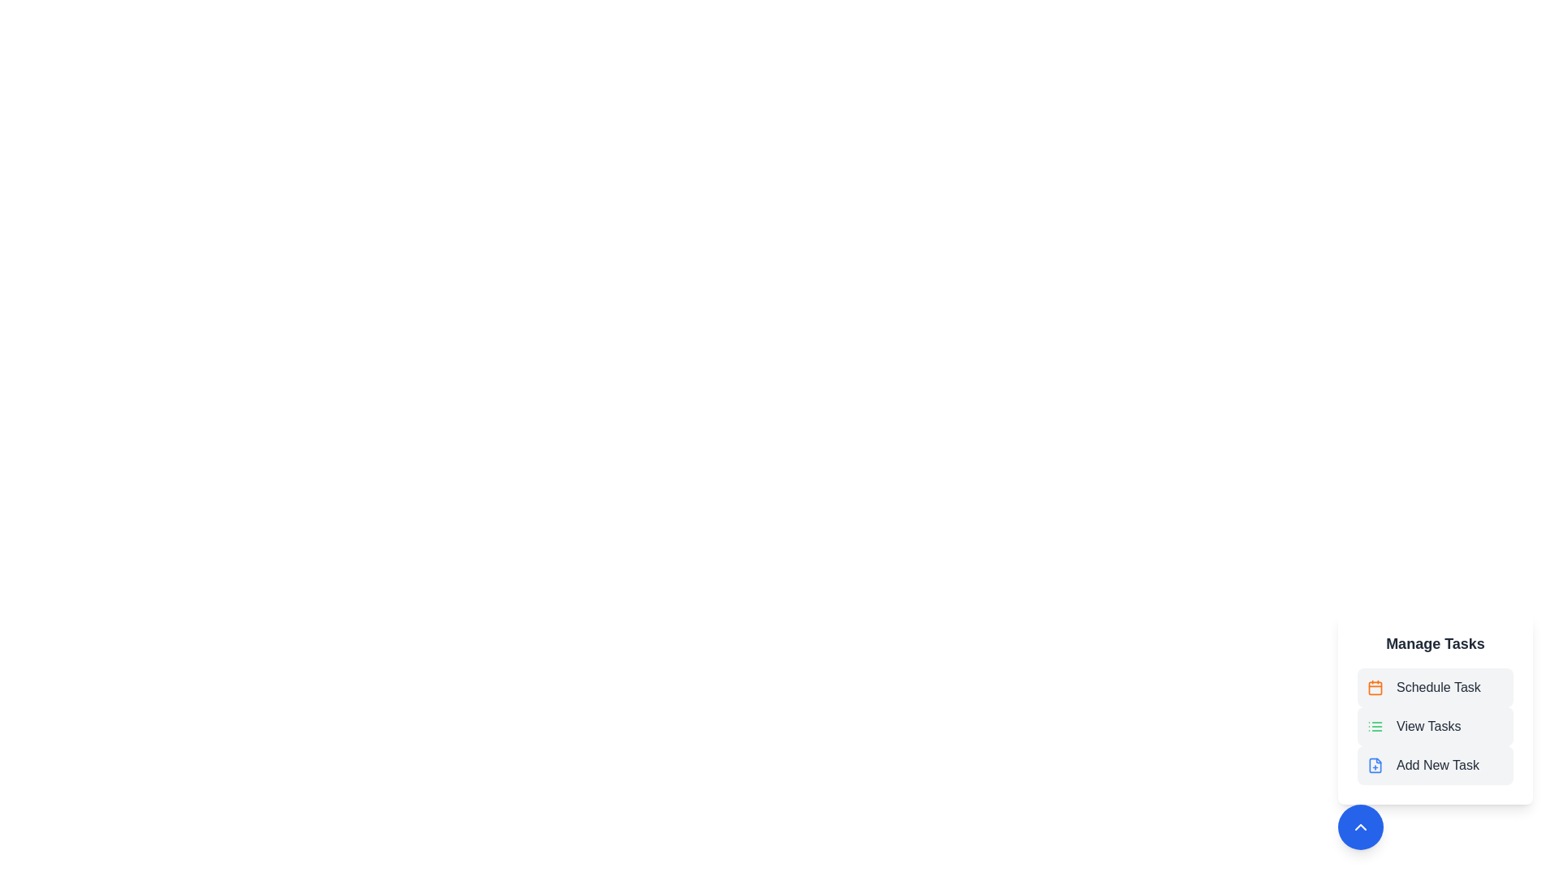  Describe the element at coordinates (1435, 766) in the screenshot. I see `the 'Add New Task' button to add a new task` at that location.